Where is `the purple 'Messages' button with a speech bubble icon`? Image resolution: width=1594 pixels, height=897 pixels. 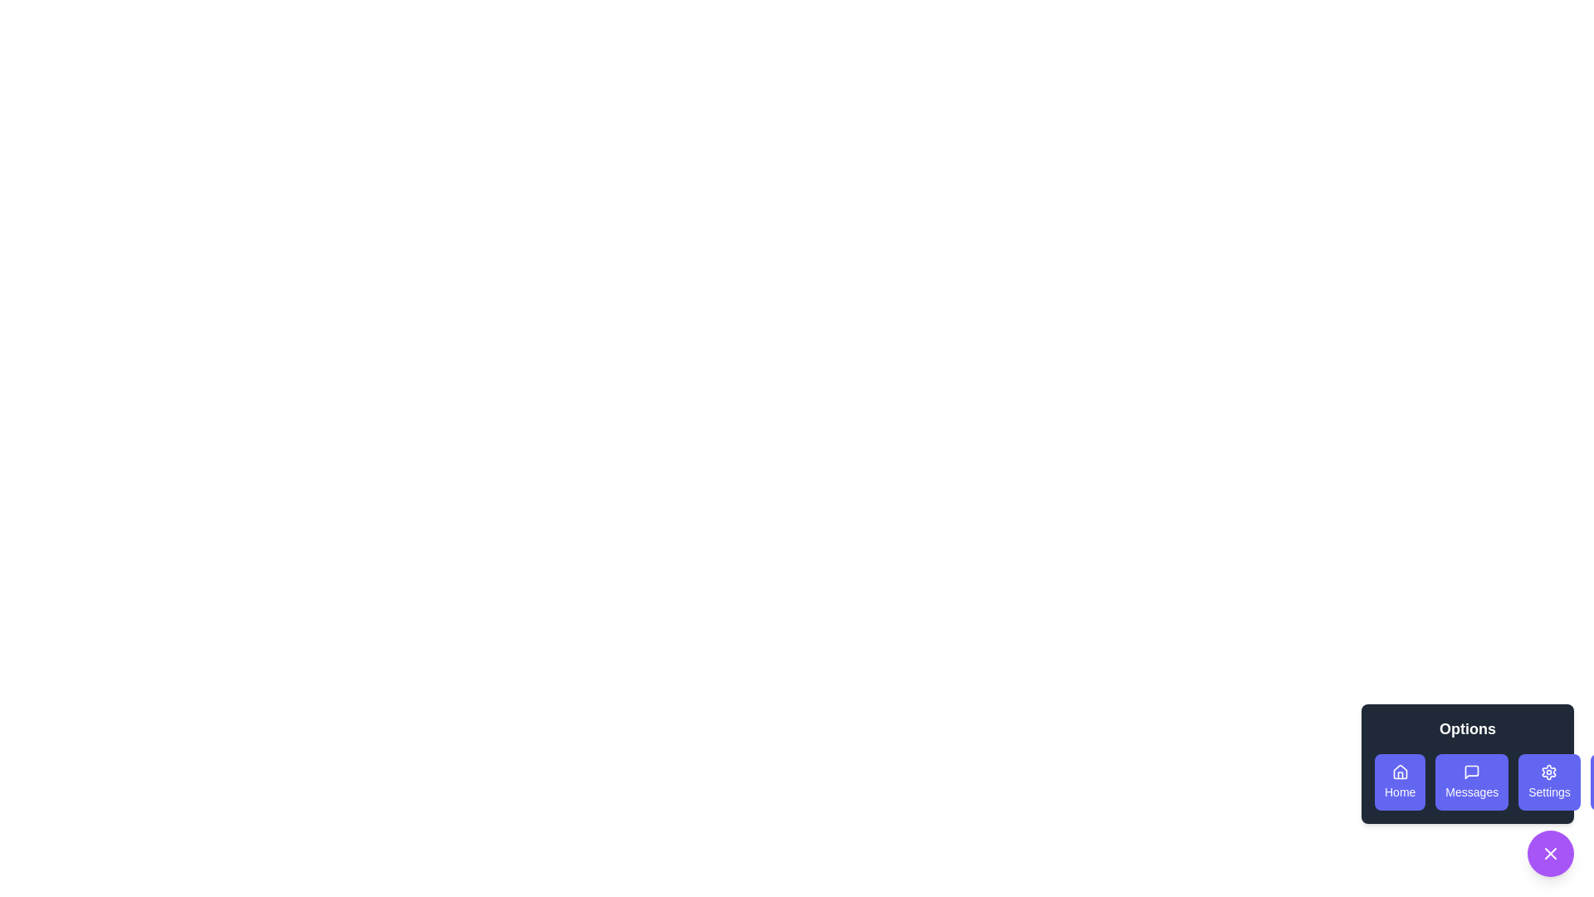
the purple 'Messages' button with a speech bubble icon is located at coordinates (1472, 782).